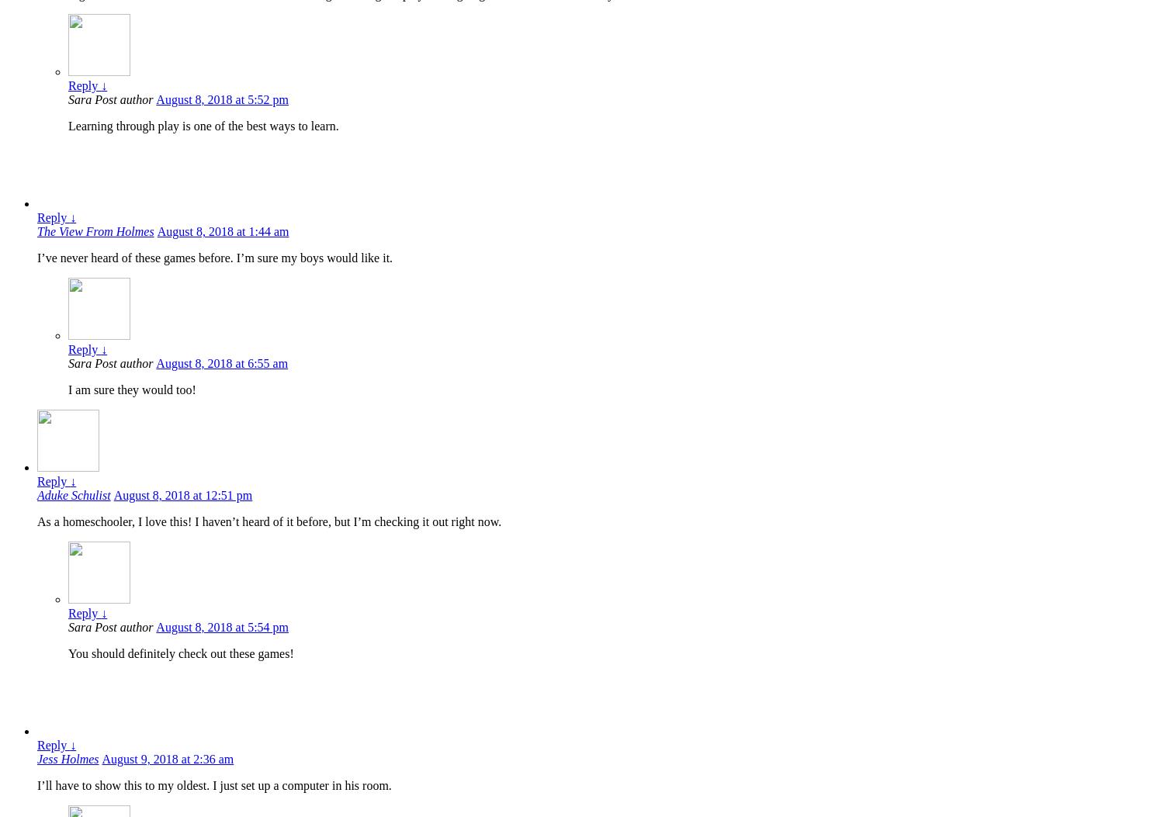 The image size is (1164, 817). I want to click on 'As a homeschooler, I love this! I haven’t heard of it before, but I’m checking it out right now.', so click(268, 521).